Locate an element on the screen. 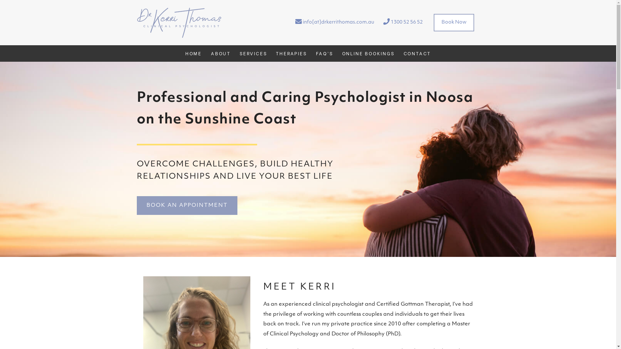  '1300 52 56 52' is located at coordinates (379, 22).